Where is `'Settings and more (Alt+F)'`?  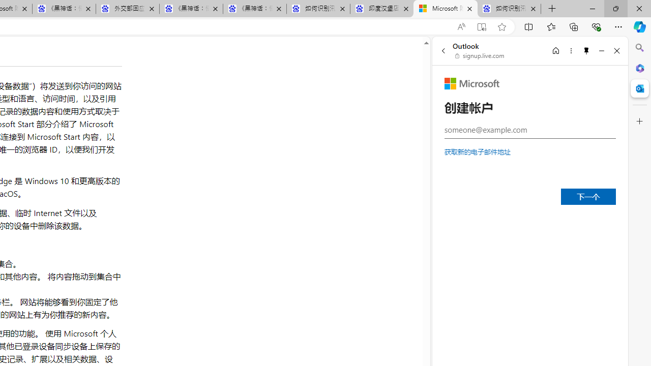 'Settings and more (Alt+F)' is located at coordinates (618, 26).